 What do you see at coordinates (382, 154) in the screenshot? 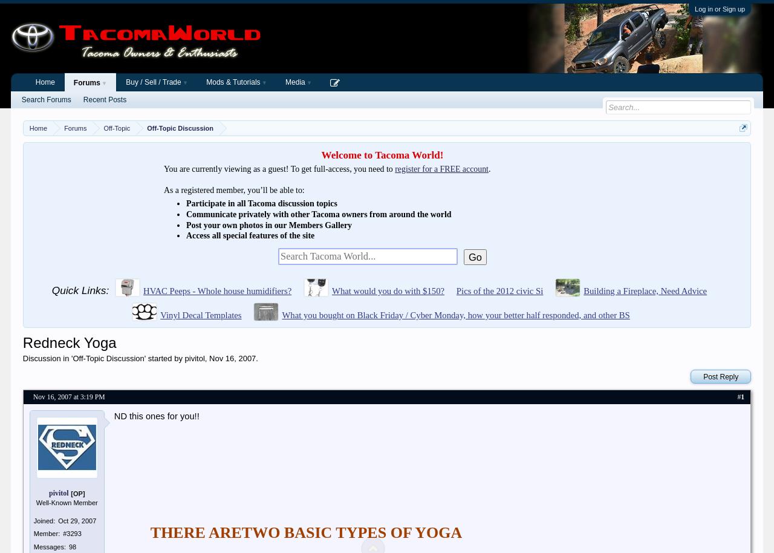
I see `'Welcome to Tacoma World!'` at bounding box center [382, 154].